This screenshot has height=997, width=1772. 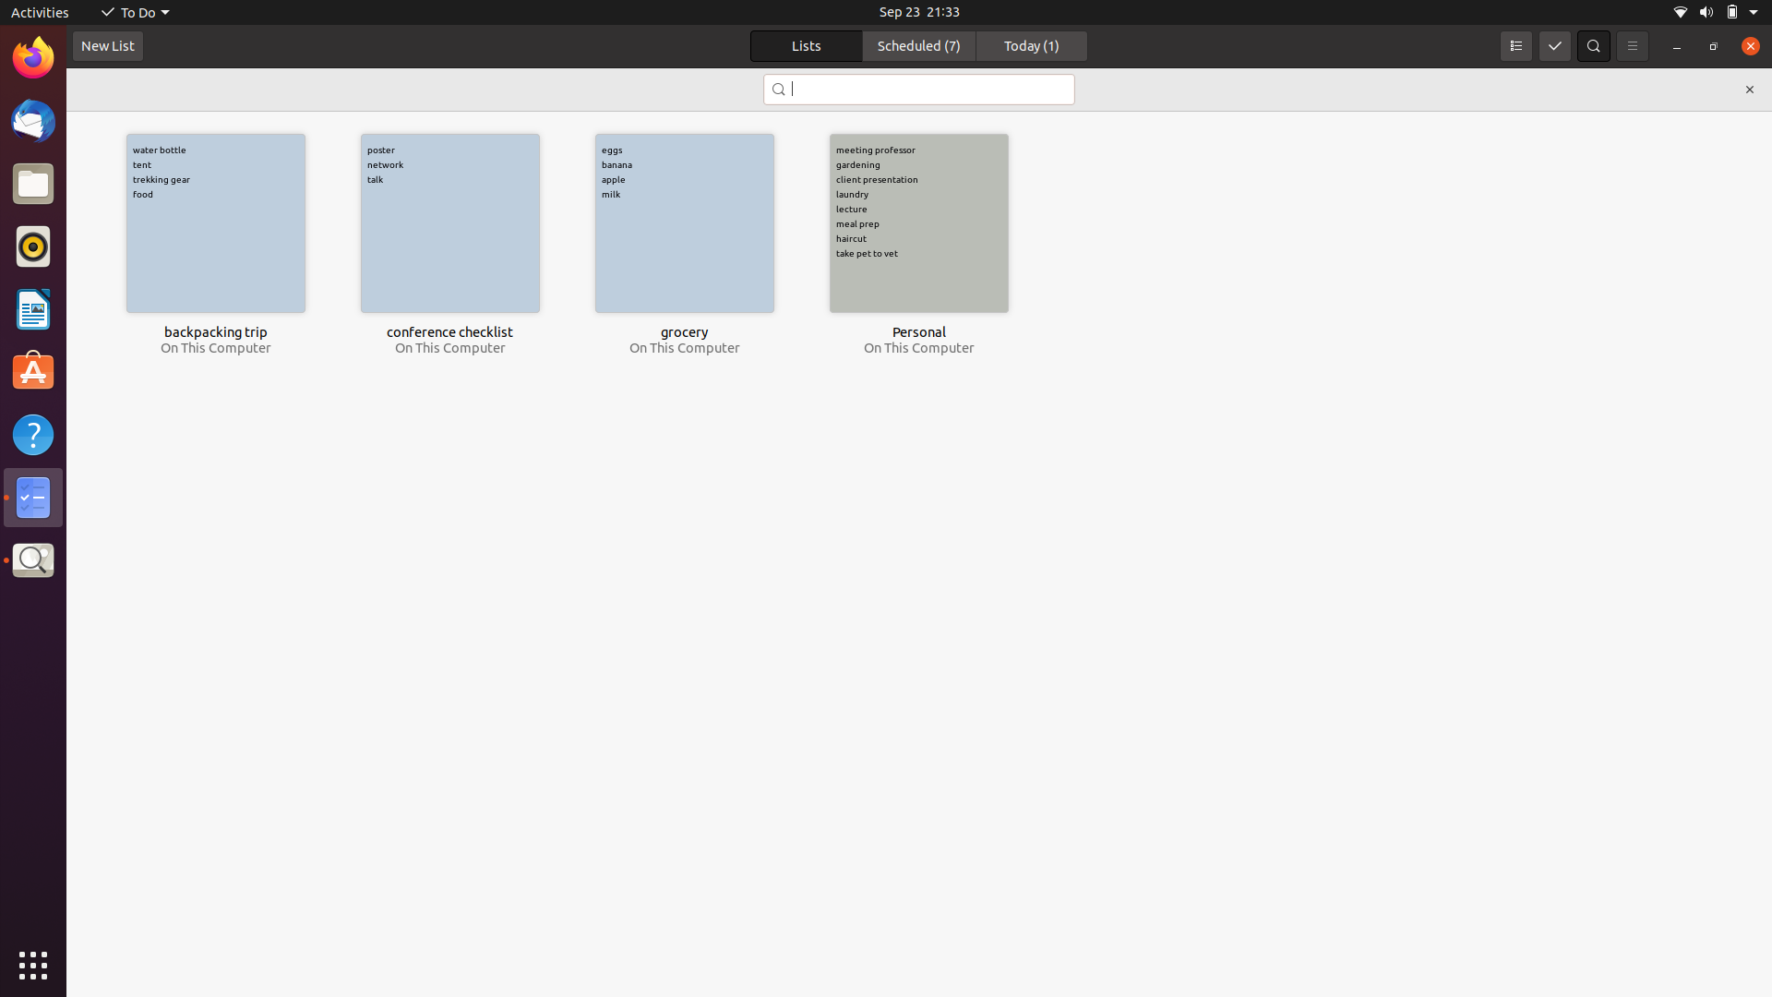 What do you see at coordinates (1748, 89) in the screenshot?
I see `End search panel operation through a mouse click` at bounding box center [1748, 89].